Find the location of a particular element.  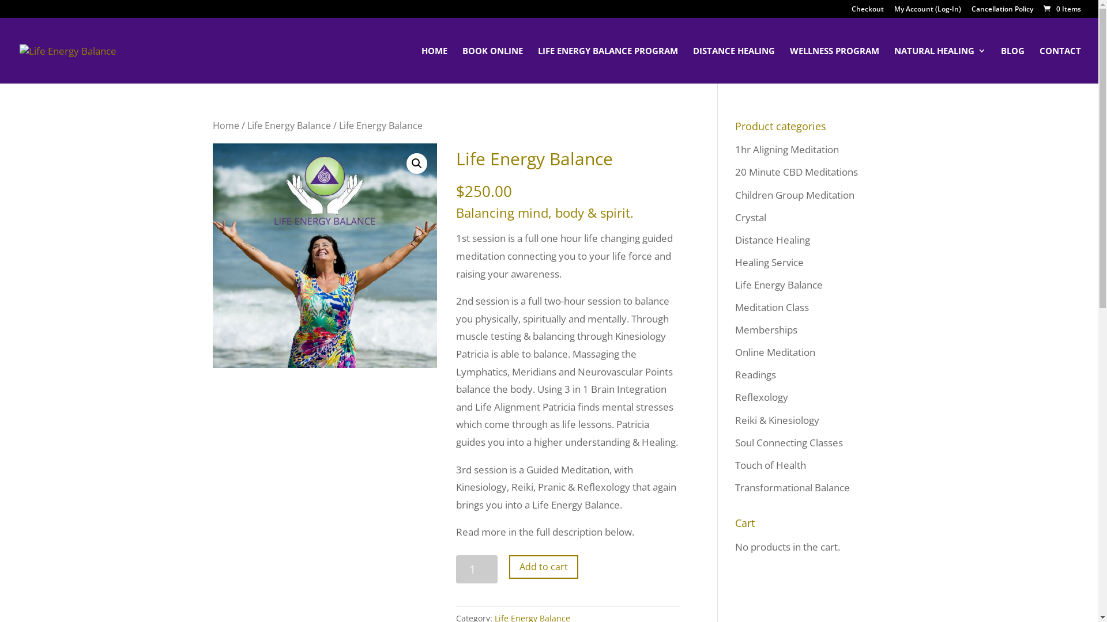

'Children Group Meditation' is located at coordinates (793, 194).